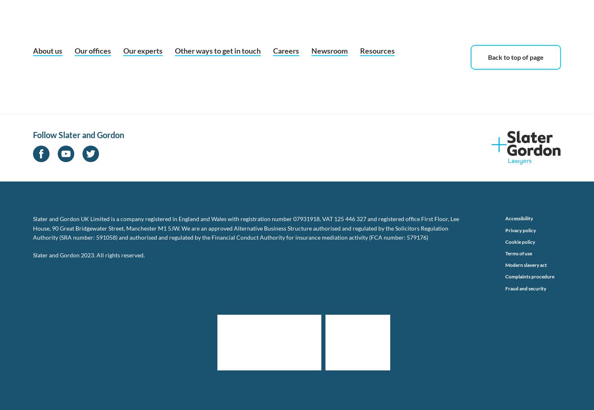 The height and width of the screenshot is (410, 594). Describe the element at coordinates (526, 287) in the screenshot. I see `'Fraud and security'` at that location.